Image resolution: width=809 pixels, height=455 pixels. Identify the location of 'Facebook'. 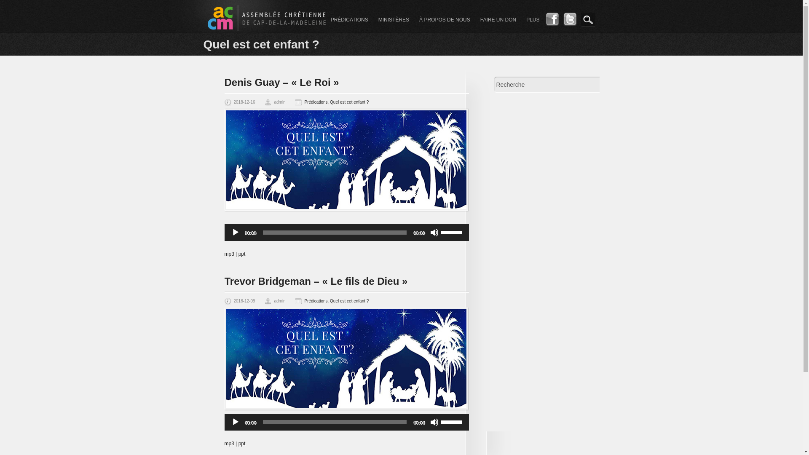
(552, 24).